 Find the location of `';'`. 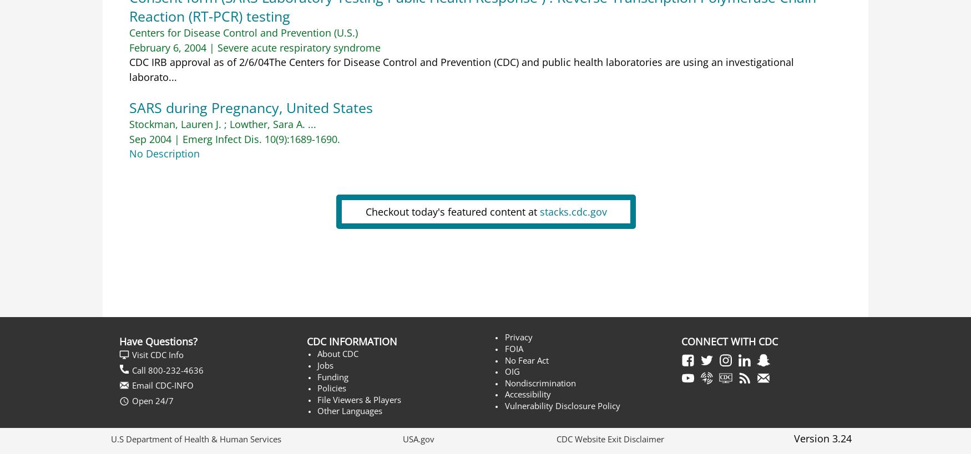

';' is located at coordinates (224, 124).